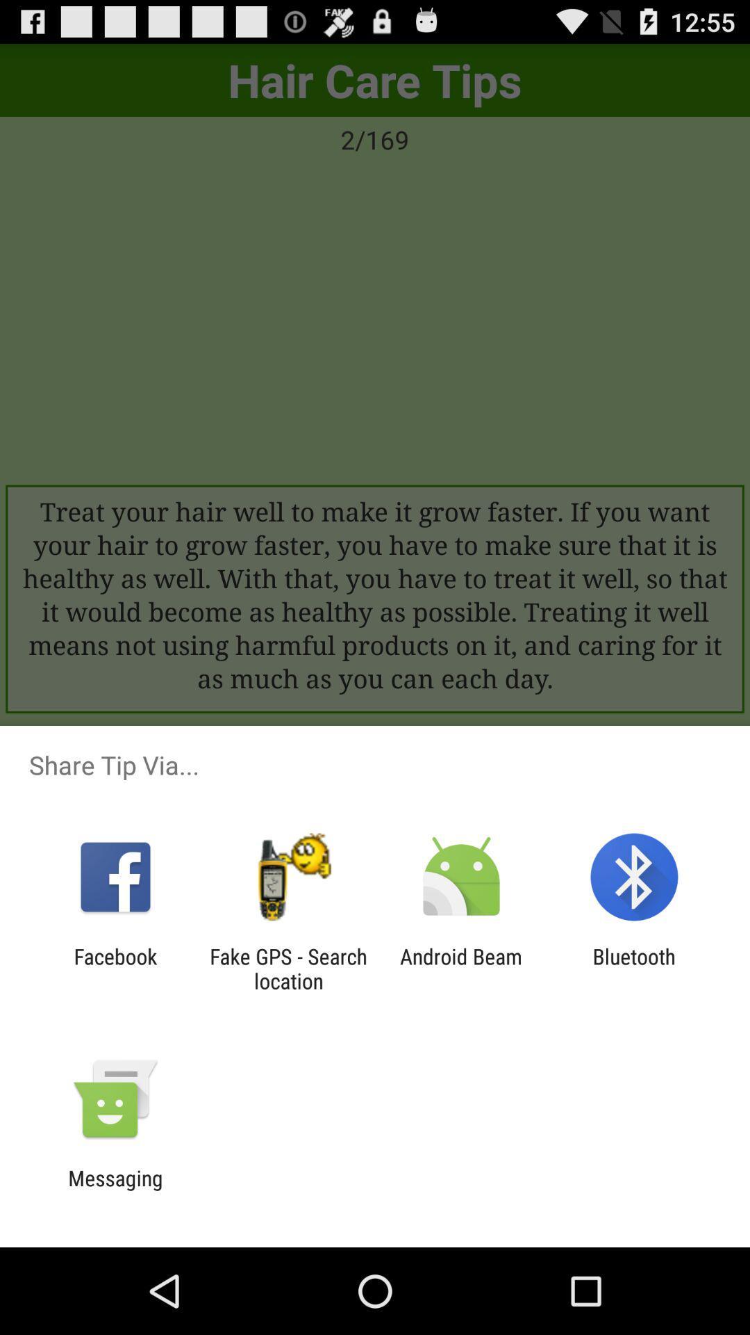 The width and height of the screenshot is (750, 1335). What do you see at coordinates (115, 1190) in the screenshot?
I see `the messaging icon` at bounding box center [115, 1190].